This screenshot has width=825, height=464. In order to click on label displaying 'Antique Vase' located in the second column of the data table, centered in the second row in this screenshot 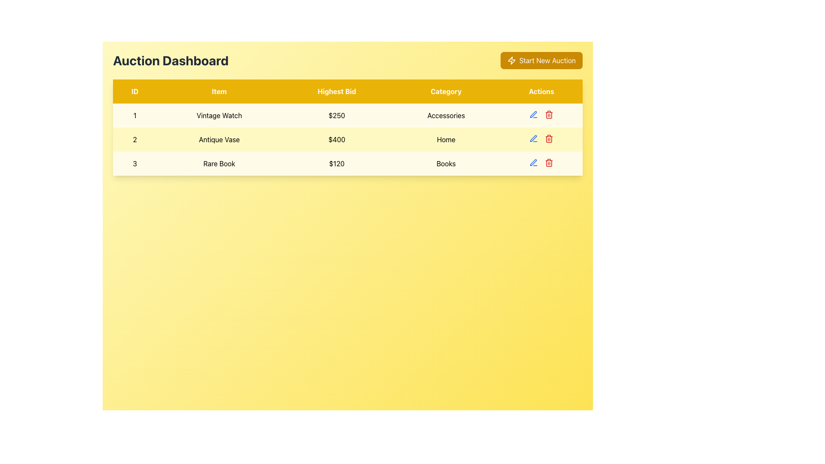, I will do `click(219, 139)`.